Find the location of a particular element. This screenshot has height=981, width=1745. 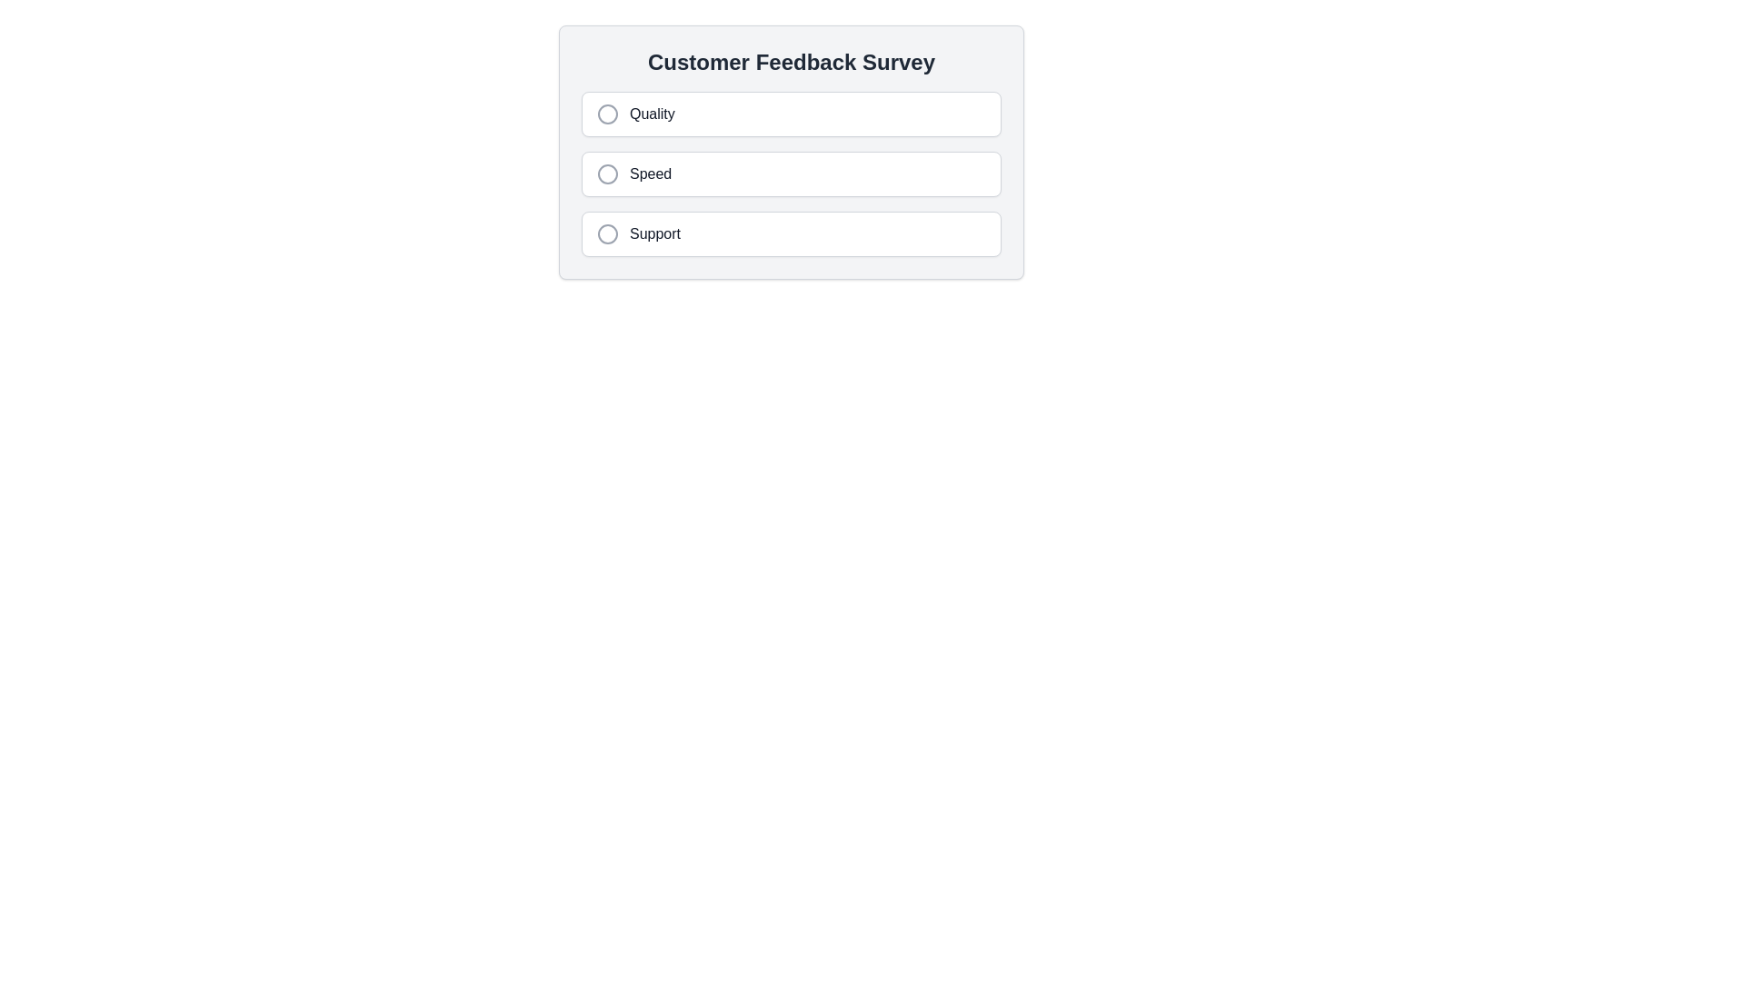

text content of the label for the third radio button option labeled 'Support' in the survey interface is located at coordinates (654, 233).